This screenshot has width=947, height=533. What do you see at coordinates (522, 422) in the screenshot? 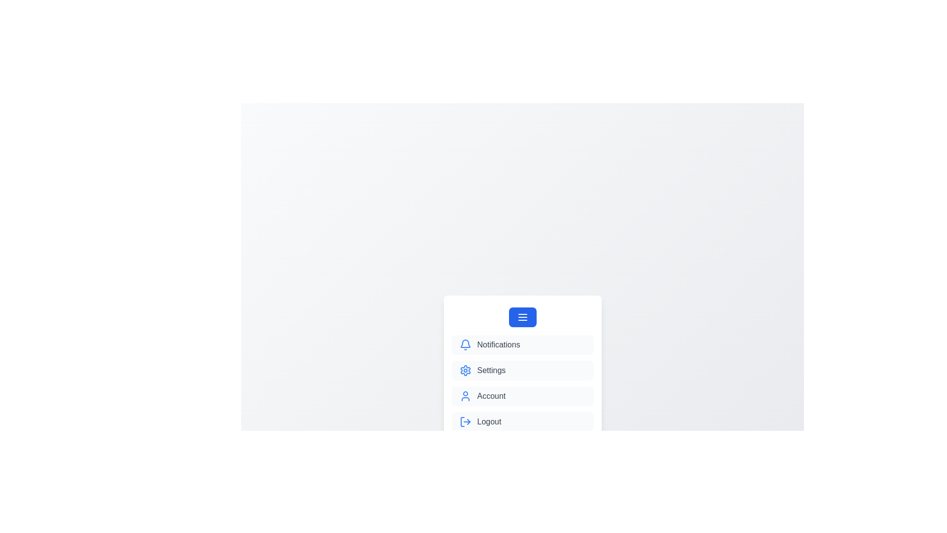
I see `the menu option Logout by clicking on it` at bounding box center [522, 422].